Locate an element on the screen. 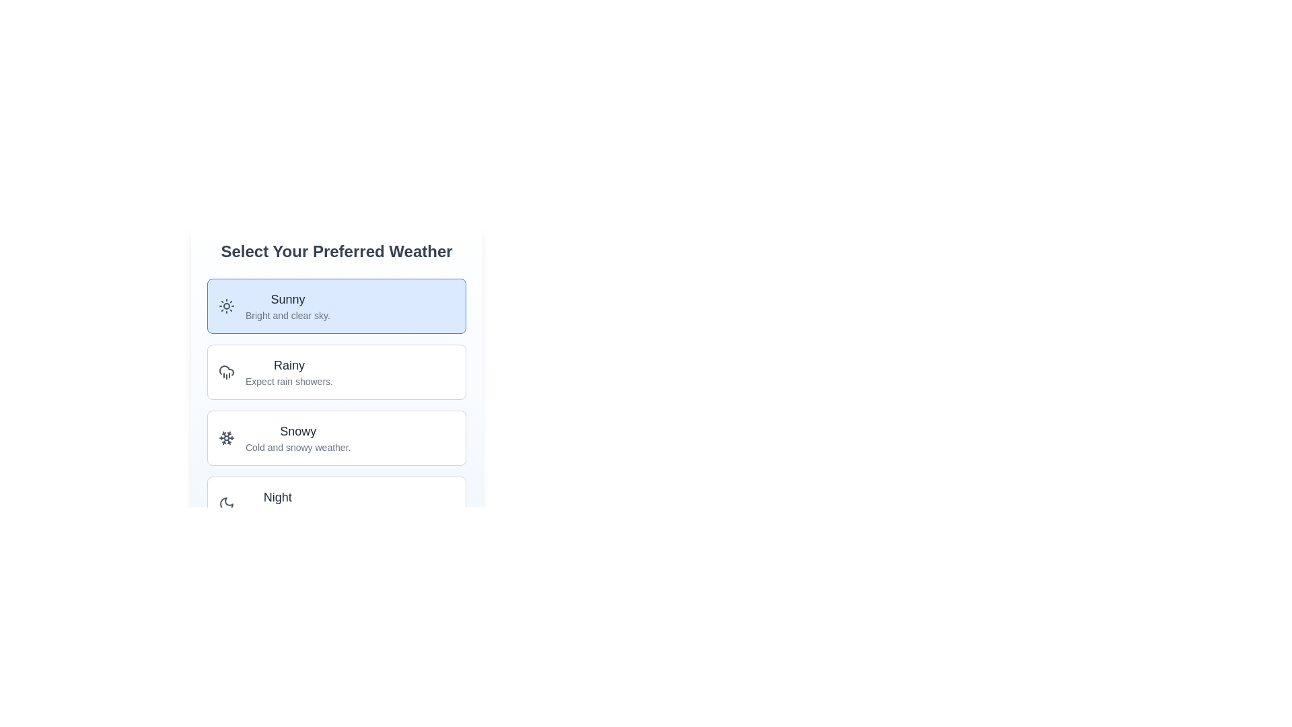 The width and height of the screenshot is (1292, 727). the text label displaying 'Bright and clear sky.' which is located directly below the 'Sunny' title text in the weather options section is located at coordinates (287, 316).